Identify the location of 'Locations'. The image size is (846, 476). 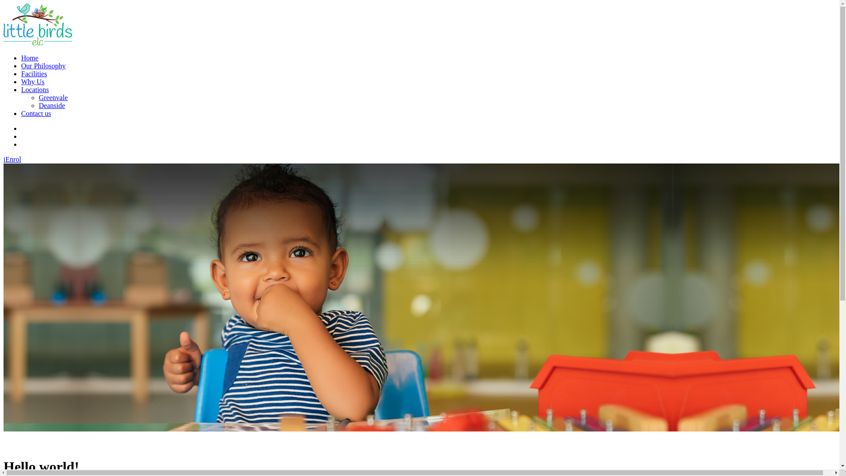
(35, 89).